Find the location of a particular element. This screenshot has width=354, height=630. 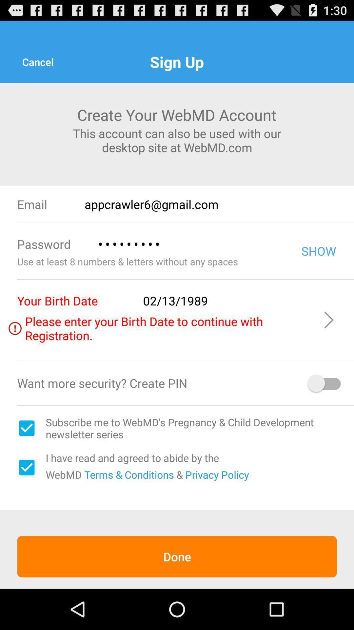

activate pin is located at coordinates (325, 383).